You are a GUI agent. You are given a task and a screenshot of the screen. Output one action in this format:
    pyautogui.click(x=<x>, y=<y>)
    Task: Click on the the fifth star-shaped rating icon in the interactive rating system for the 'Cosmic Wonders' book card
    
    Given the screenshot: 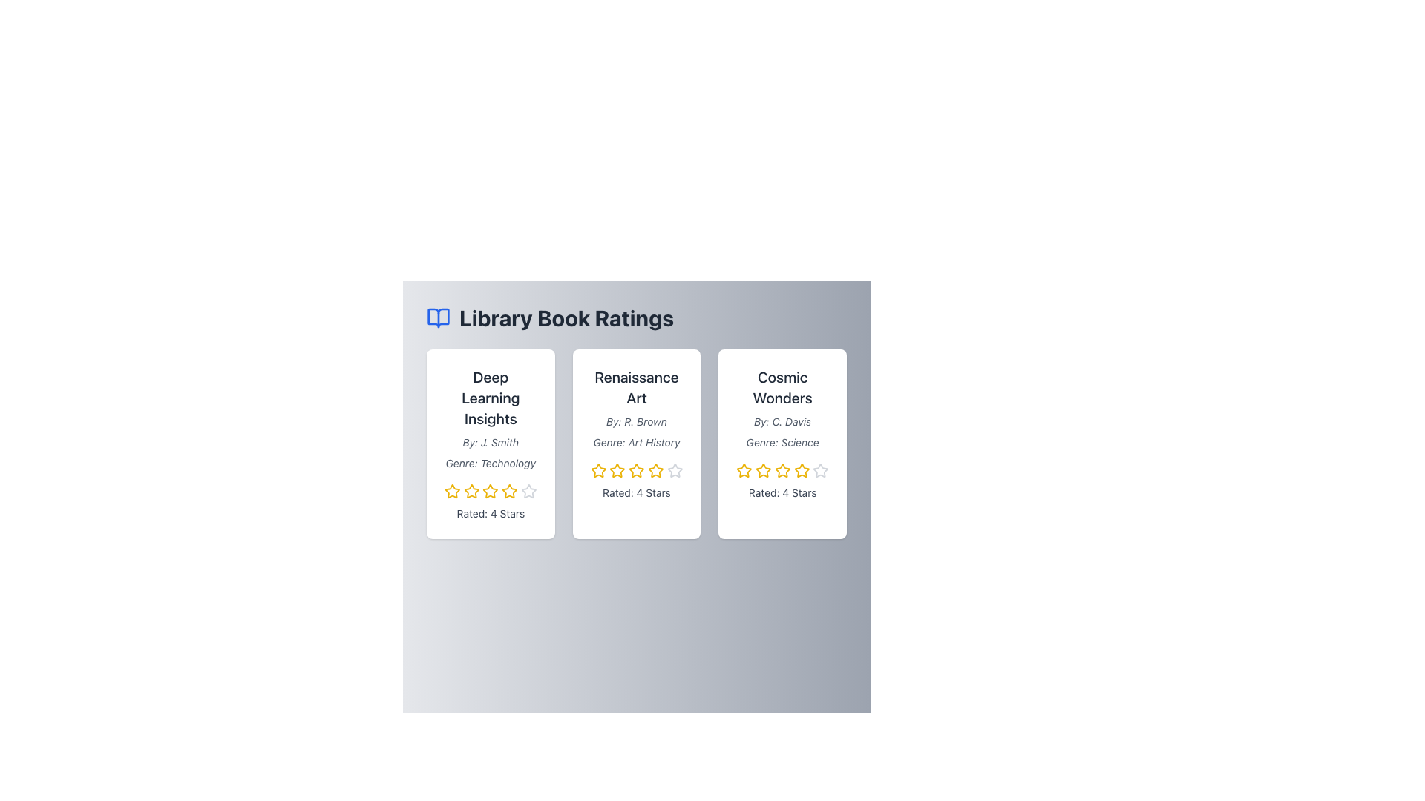 What is the action you would take?
    pyautogui.click(x=820, y=470)
    